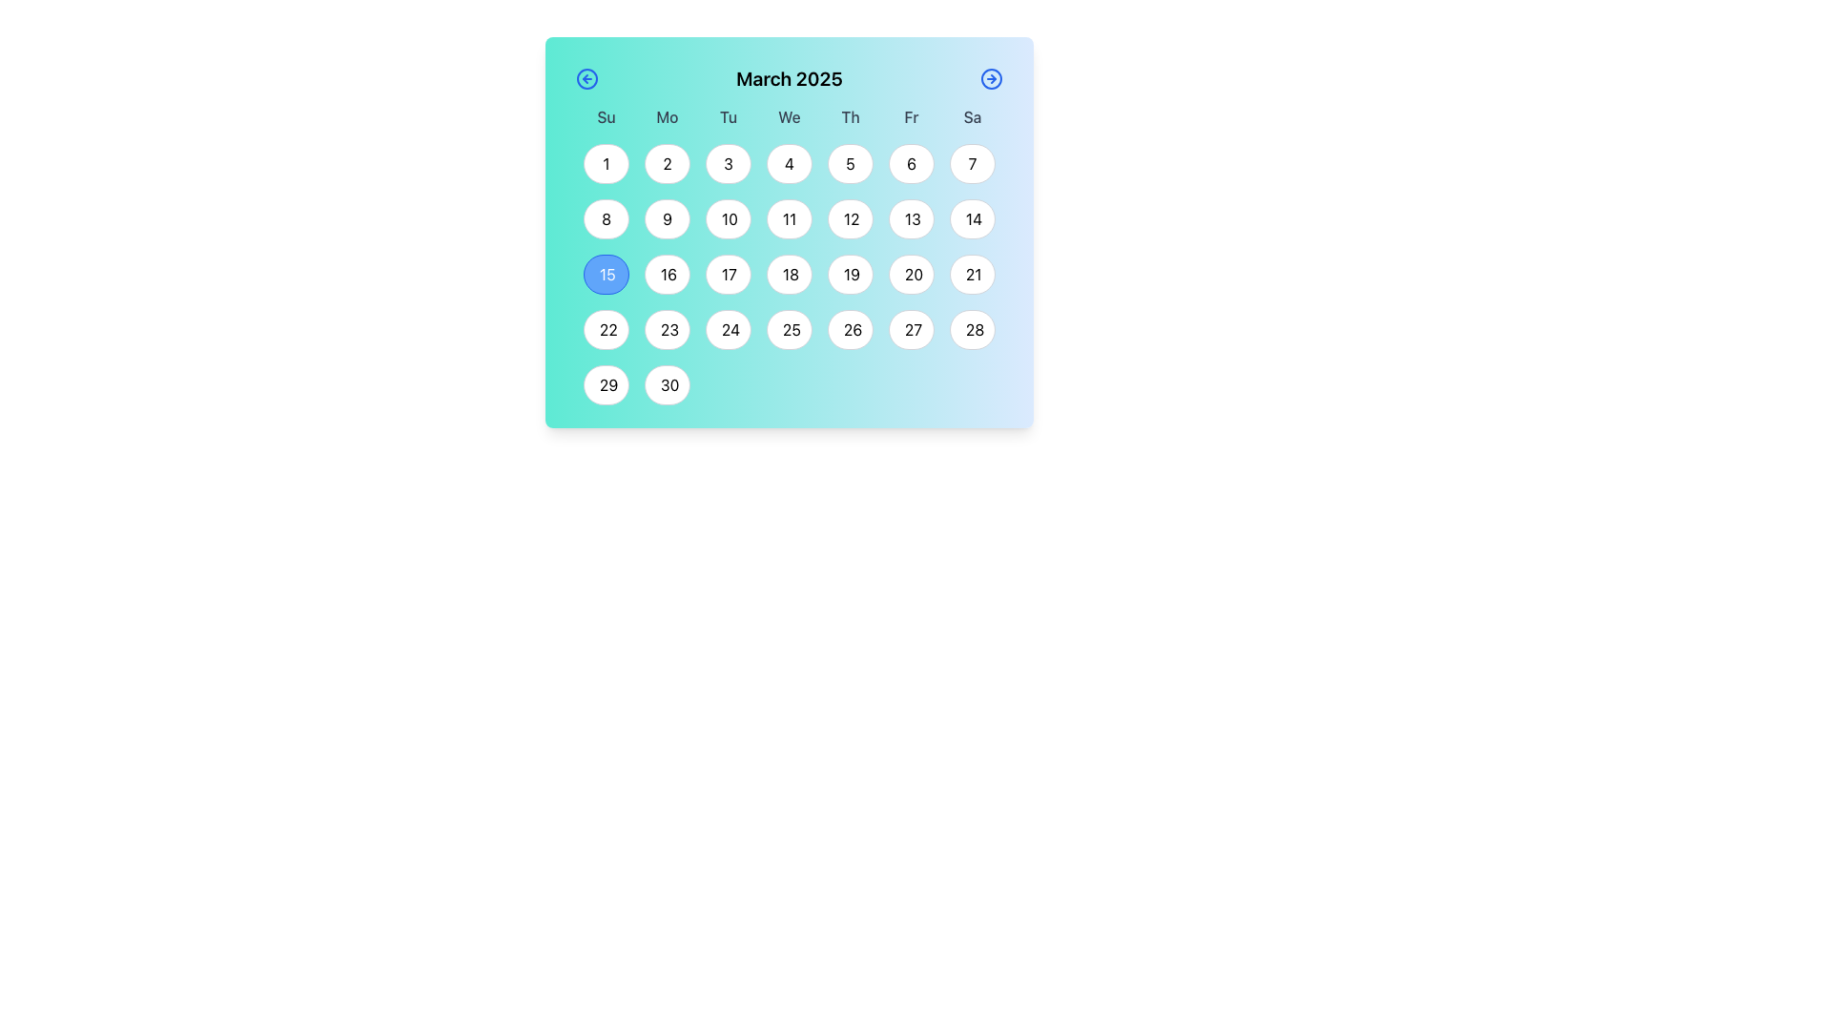 This screenshot has width=1831, height=1030. Describe the element at coordinates (850, 163) in the screenshot. I see `the circular white button displaying the number '5' in the calendar UI` at that location.